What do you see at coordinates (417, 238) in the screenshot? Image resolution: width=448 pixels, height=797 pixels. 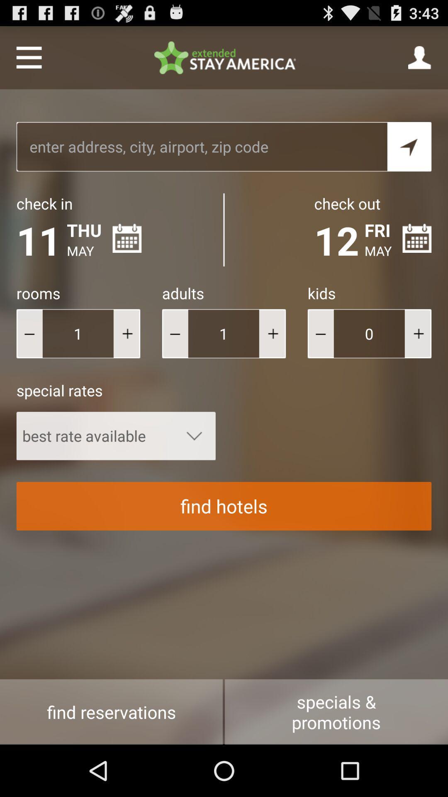 I see `show calendar` at bounding box center [417, 238].